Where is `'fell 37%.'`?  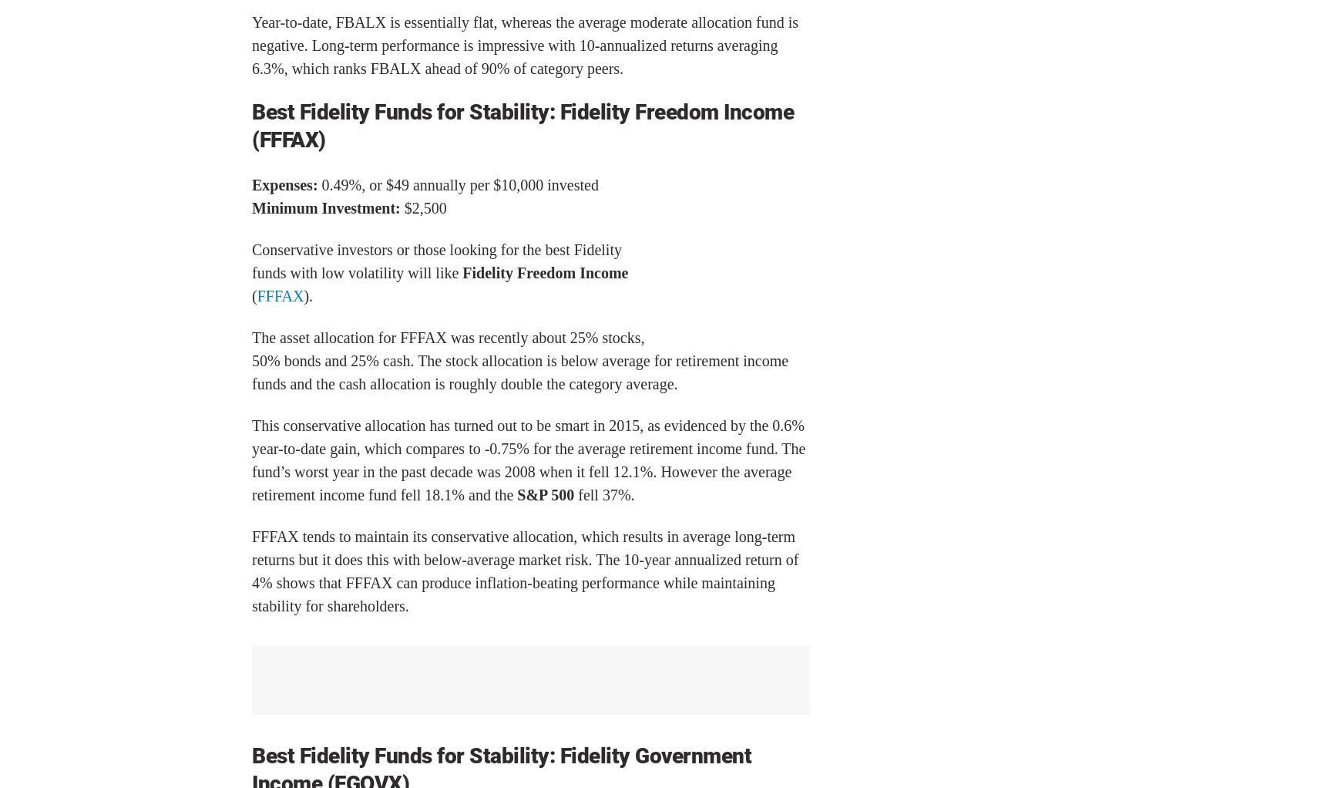 'fell 37%.' is located at coordinates (603, 493).